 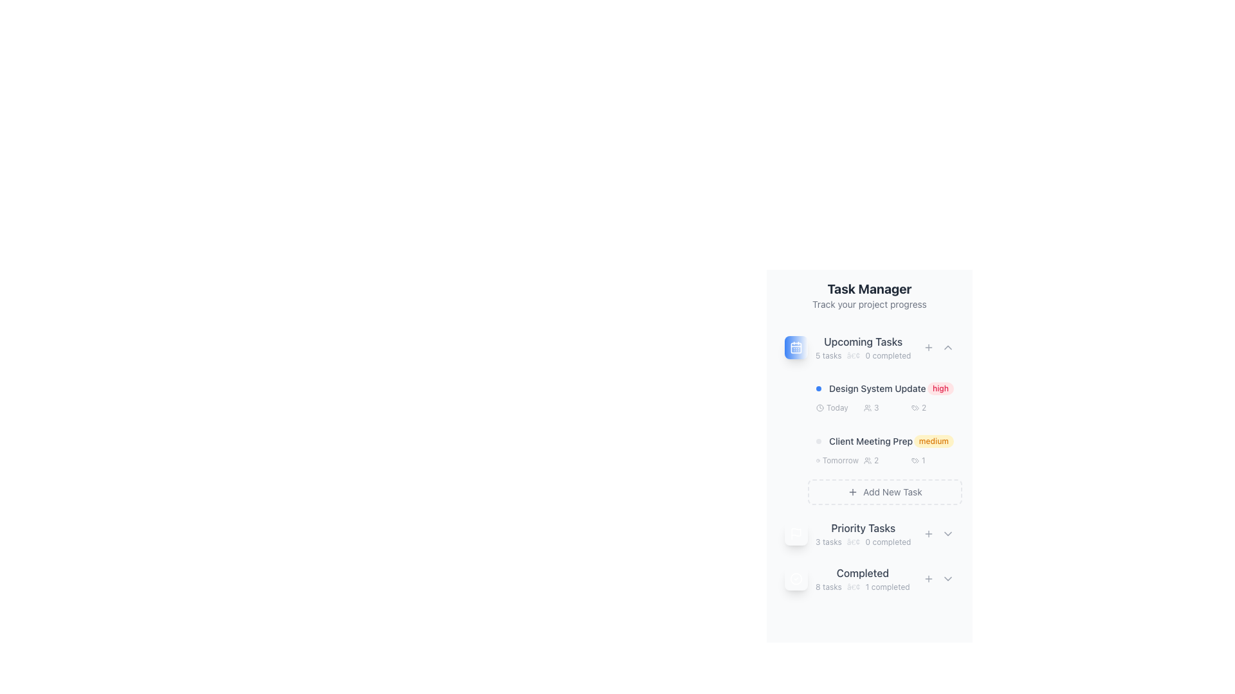 What do you see at coordinates (853, 492) in the screenshot?
I see `the icon located in the center-left of the 'Add New Task' button` at bounding box center [853, 492].